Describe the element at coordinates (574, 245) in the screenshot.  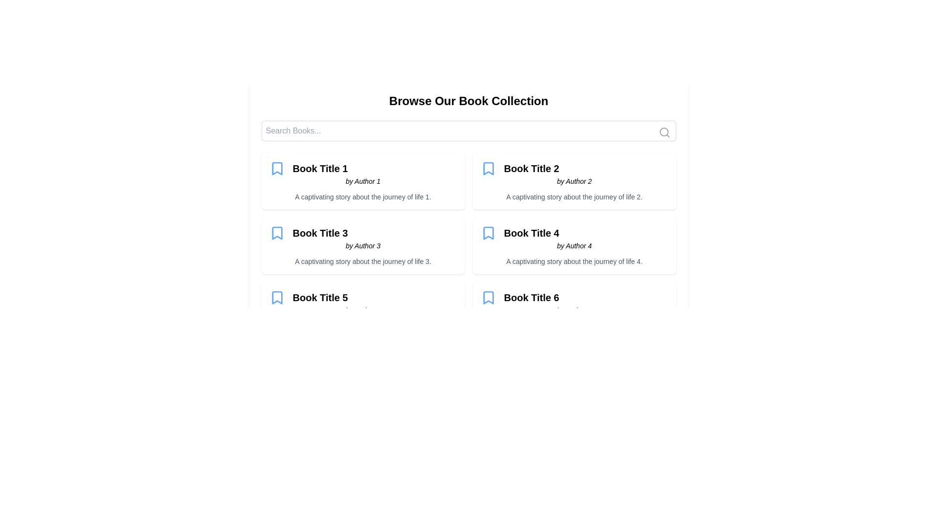
I see `the fourth book card displaying information about a book, including its title, author, and short description, located in the second column and second row of the grid layout` at that location.